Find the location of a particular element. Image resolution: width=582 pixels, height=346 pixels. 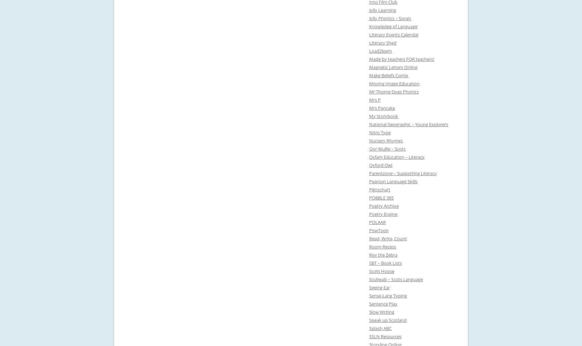

'Oor Wullie – Scots' is located at coordinates (387, 149).